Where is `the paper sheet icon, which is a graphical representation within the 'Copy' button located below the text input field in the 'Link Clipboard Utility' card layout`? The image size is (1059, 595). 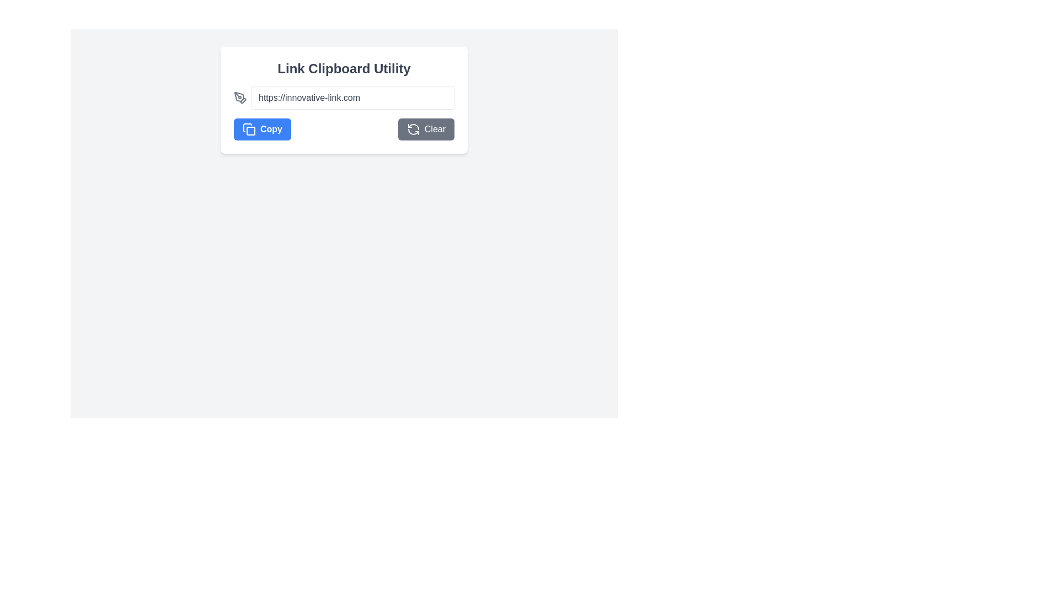
the paper sheet icon, which is a graphical representation within the 'Copy' button located below the text input field in the 'Link Clipboard Utility' card layout is located at coordinates (247, 127).